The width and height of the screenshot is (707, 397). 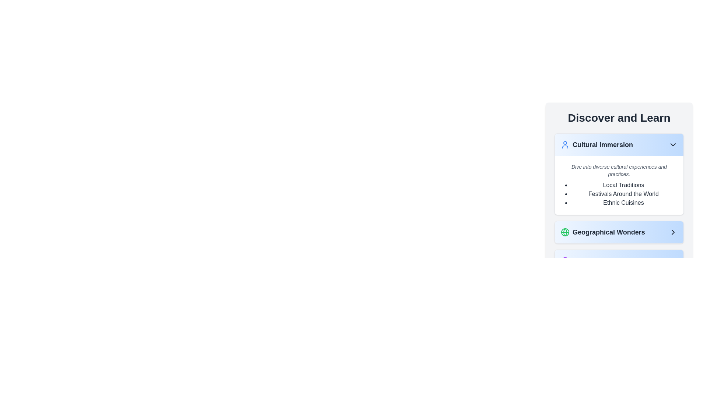 I want to click on the blue human figure icon located to the left of the 'Cultural Immersion' text in the 'Discover and Learn' section, so click(x=565, y=144).